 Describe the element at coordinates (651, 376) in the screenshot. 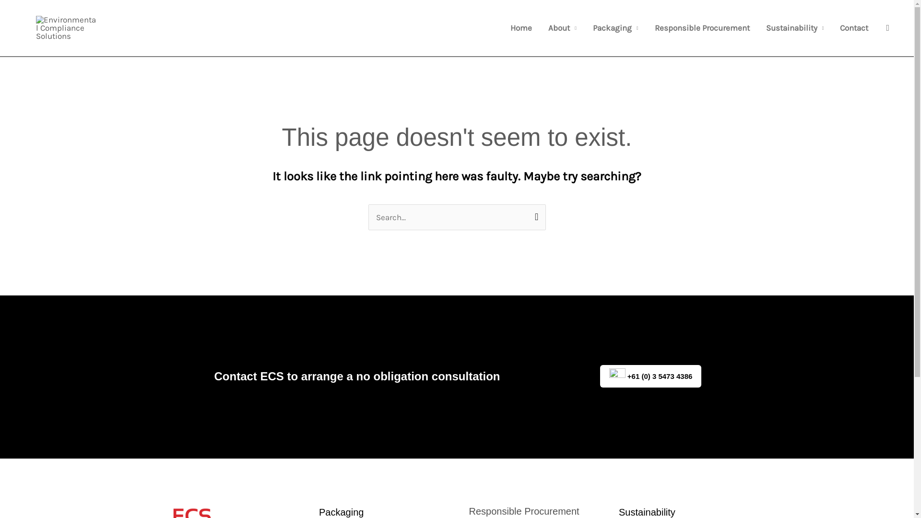

I see `'+61 (0) 3 5473 4386'` at that location.